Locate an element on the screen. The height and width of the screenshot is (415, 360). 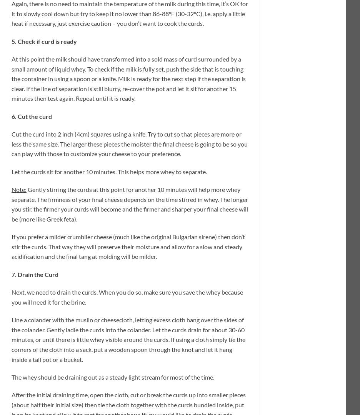
'The whey should be draining out as a steady light stream for most of the time.' is located at coordinates (113, 376).